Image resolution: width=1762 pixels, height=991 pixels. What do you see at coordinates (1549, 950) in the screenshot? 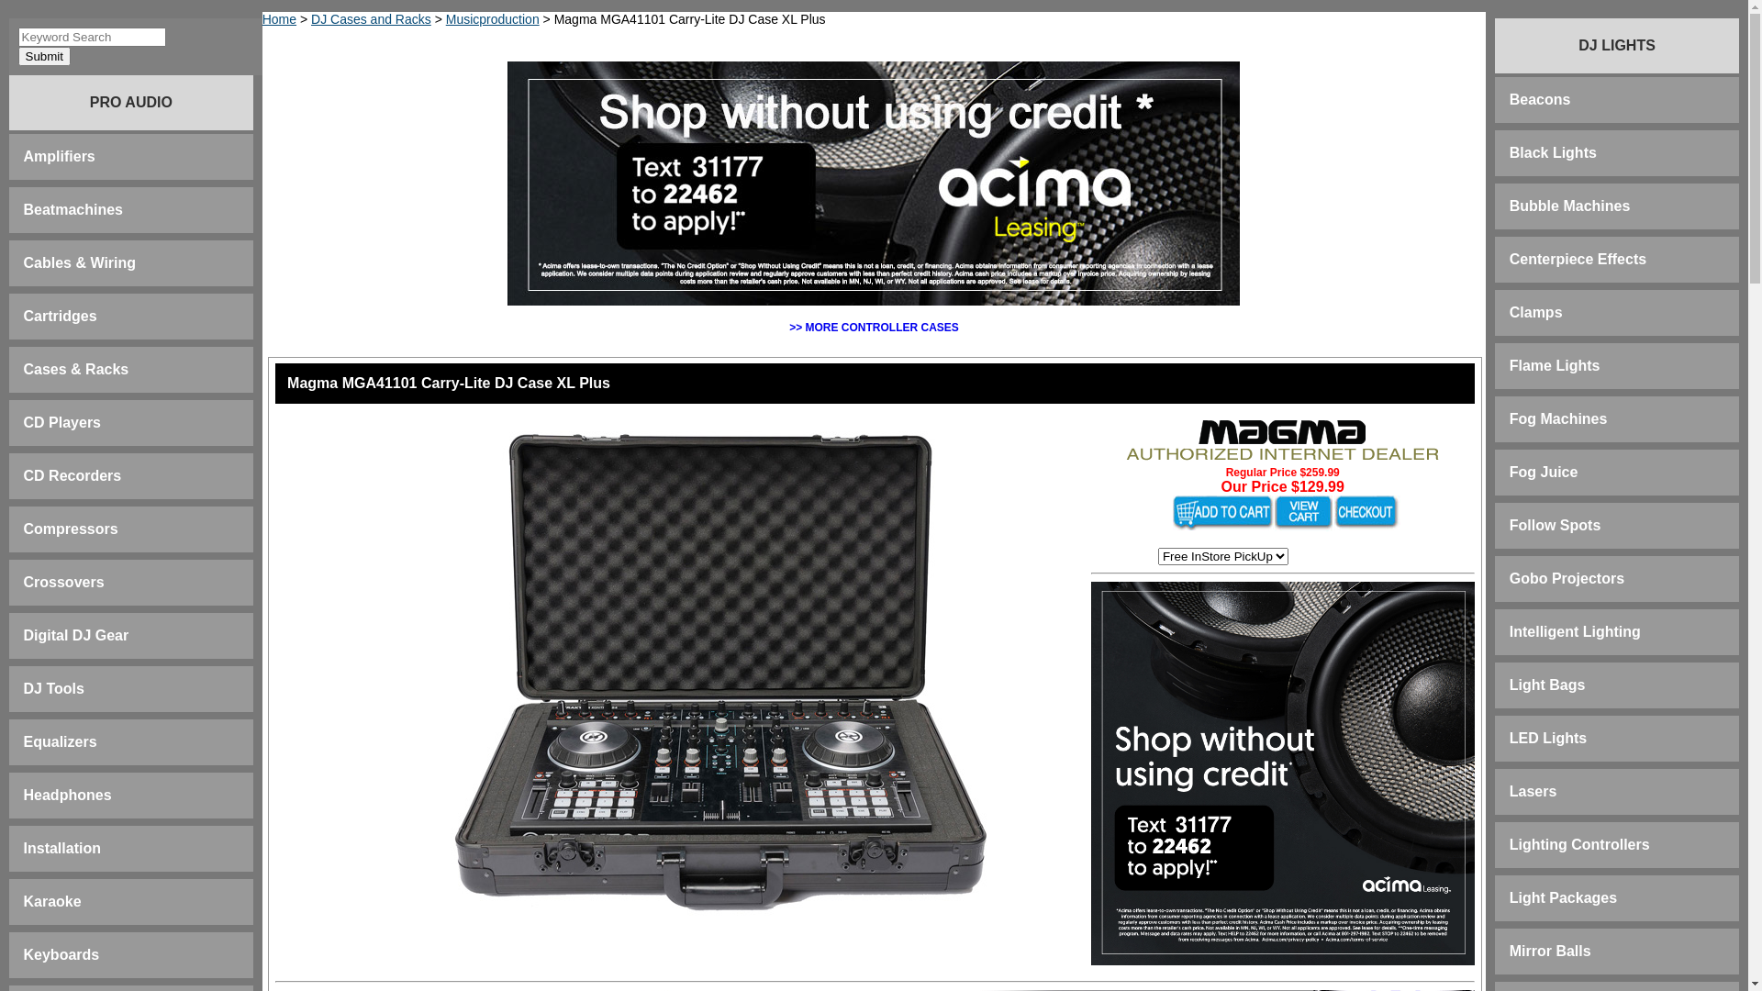
I see `'Mirror Balls'` at bounding box center [1549, 950].